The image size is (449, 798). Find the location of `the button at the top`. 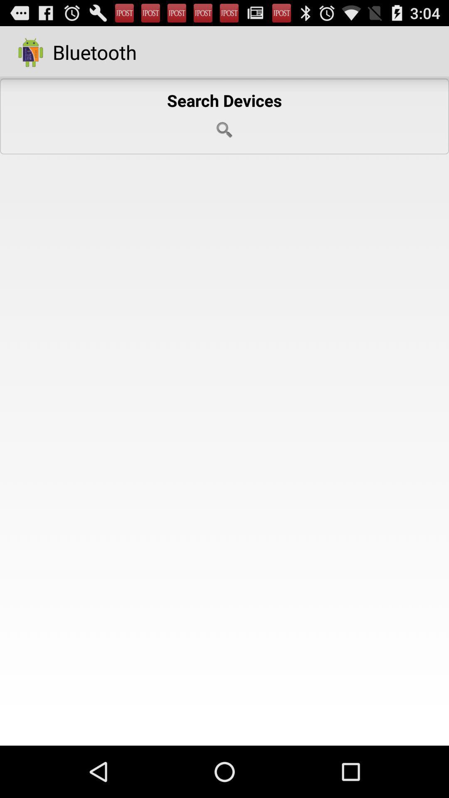

the button at the top is located at coordinates (224, 116).